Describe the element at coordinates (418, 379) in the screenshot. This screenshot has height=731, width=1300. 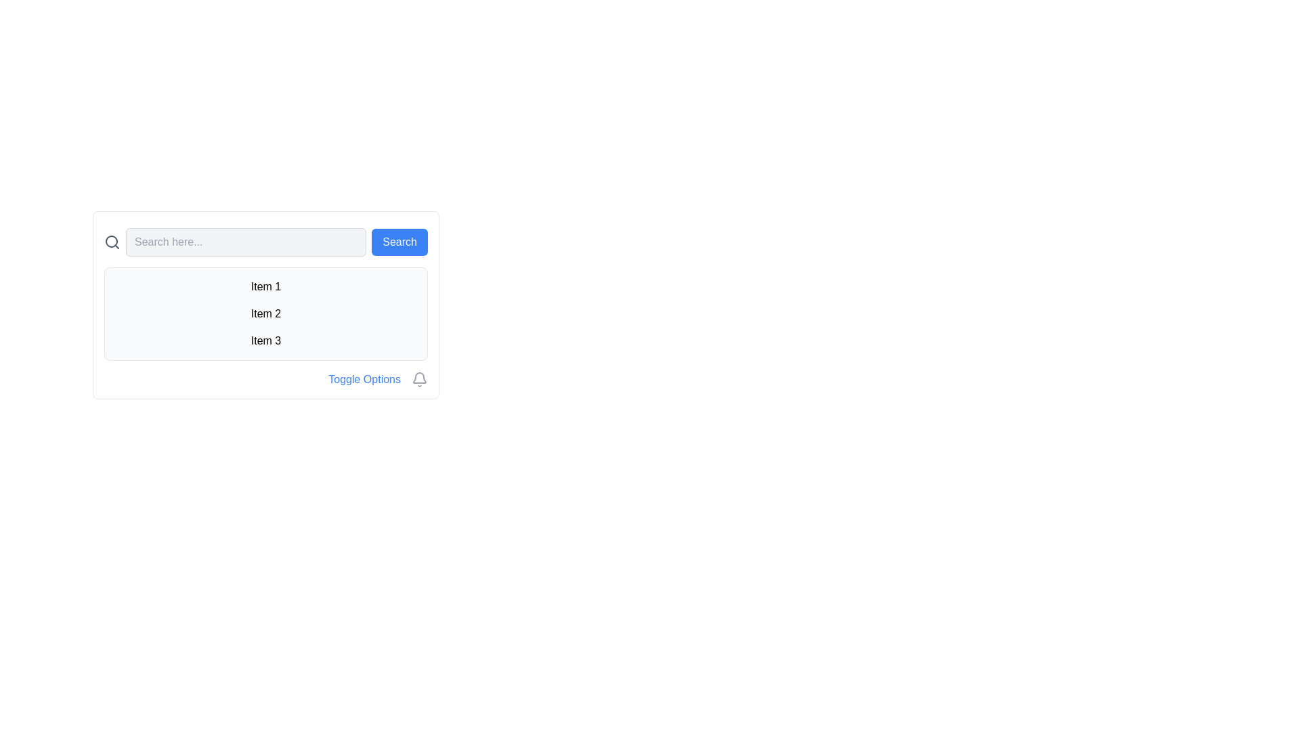
I see `the gray, minimalistic bell icon located to the right of the 'Toggle Options' text element` at that location.